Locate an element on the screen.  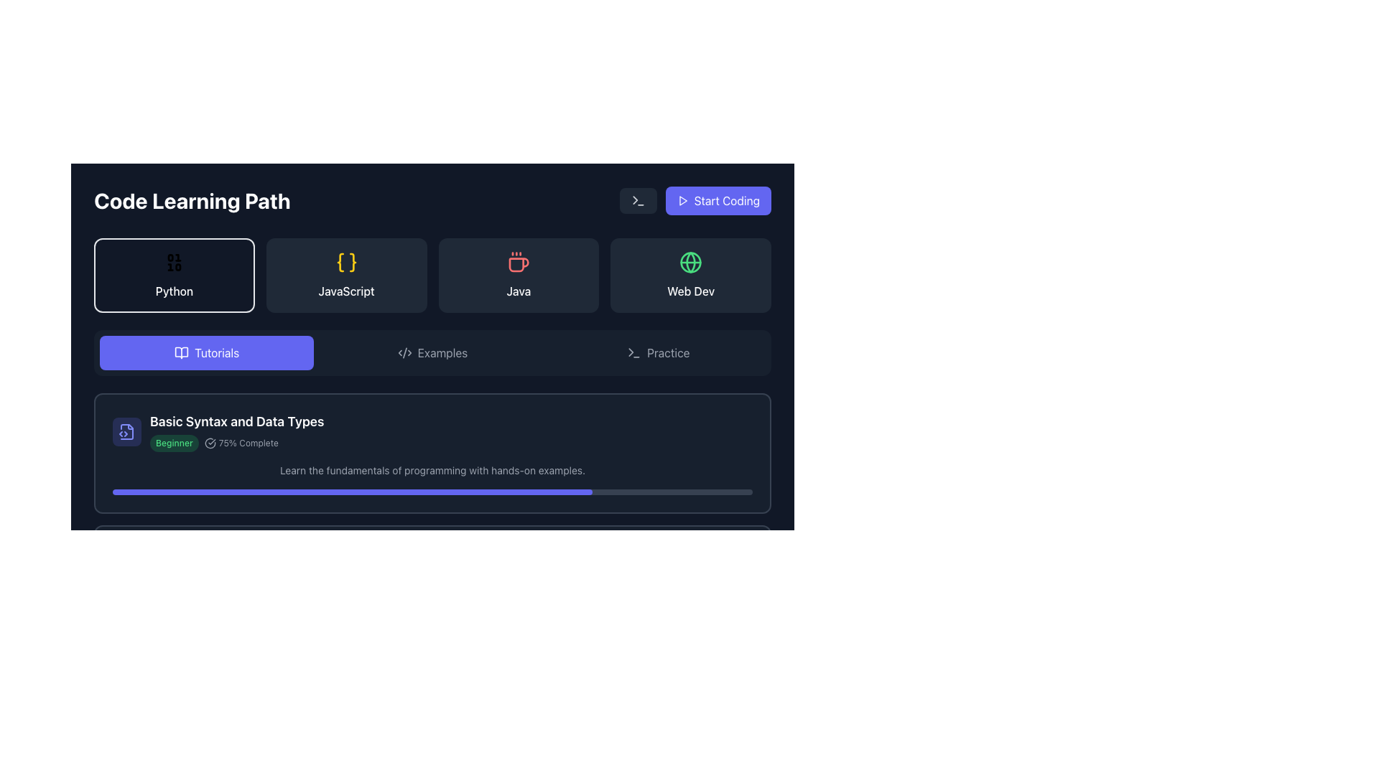
the progress value on the progress bar indicating 75% completion for the course labeled 'Basic Syntax and Data Types' is located at coordinates (432, 492).